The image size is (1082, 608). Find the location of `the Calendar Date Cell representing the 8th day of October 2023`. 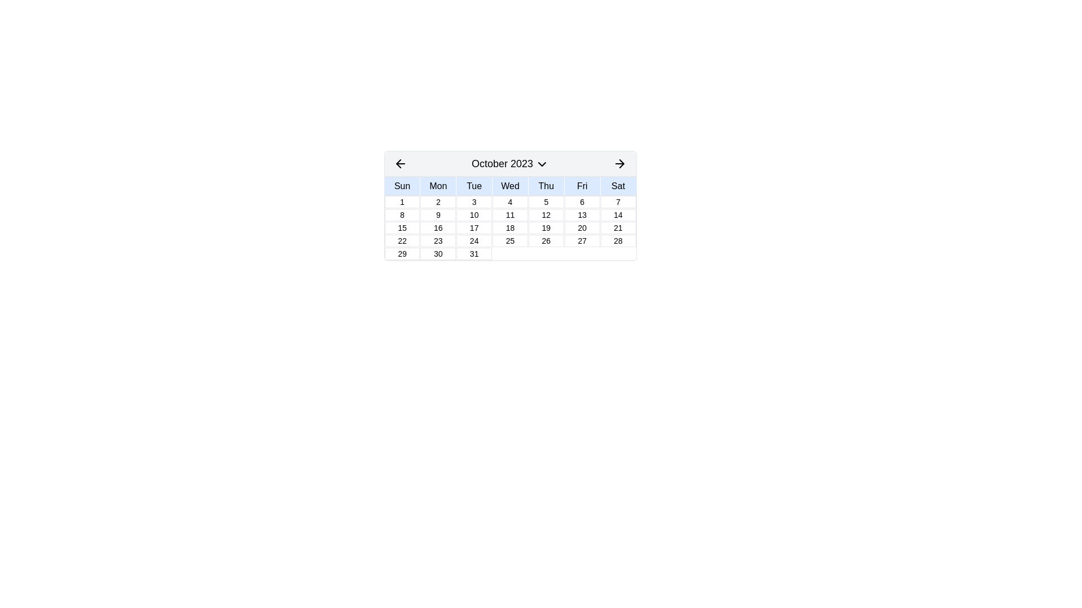

the Calendar Date Cell representing the 8th day of October 2023 is located at coordinates (402, 214).